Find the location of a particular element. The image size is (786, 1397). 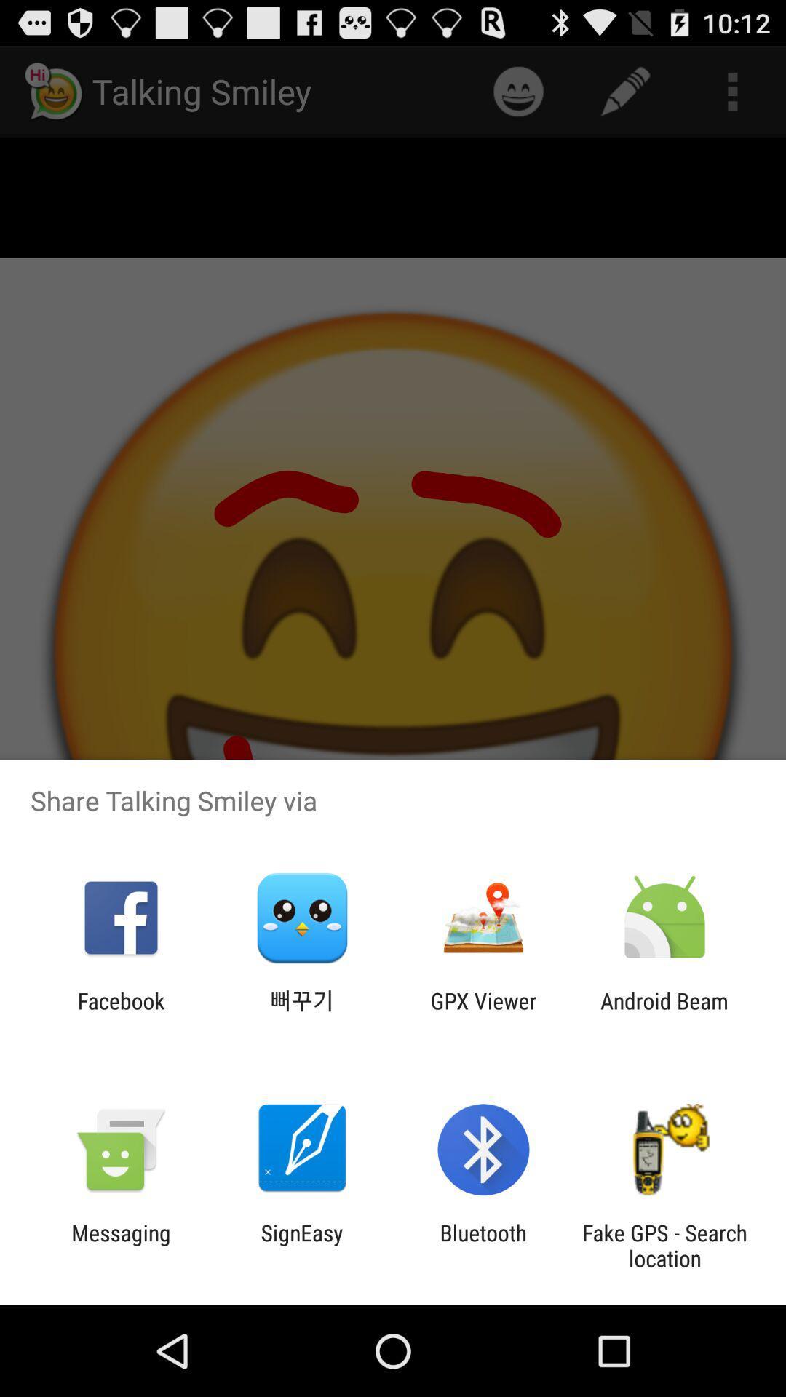

the icon to the right of facebook app is located at coordinates (301, 1013).